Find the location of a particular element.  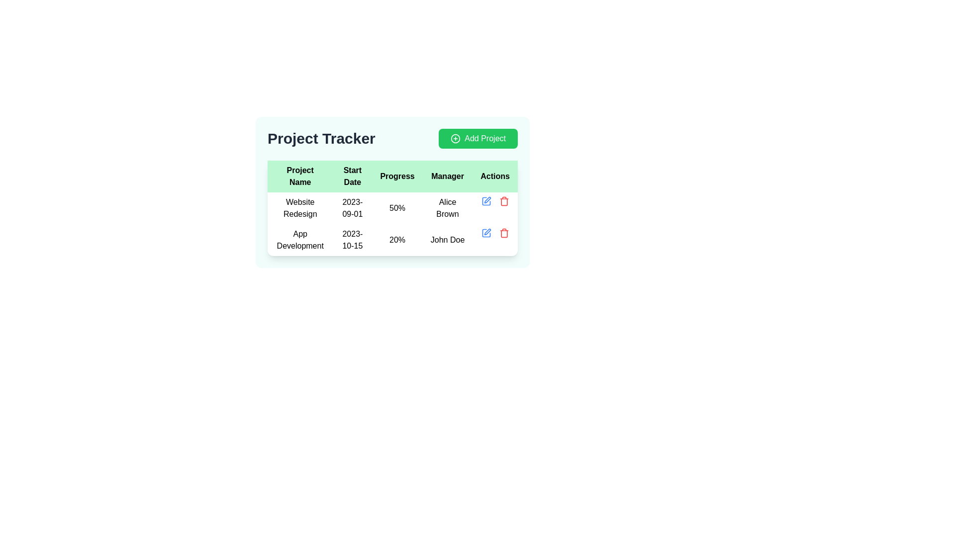

column labels from the table header row, which has a green background and includes headers: 'Project Name', 'Start Date', 'Progress', 'Manager', and 'Actions' is located at coordinates (392, 176).